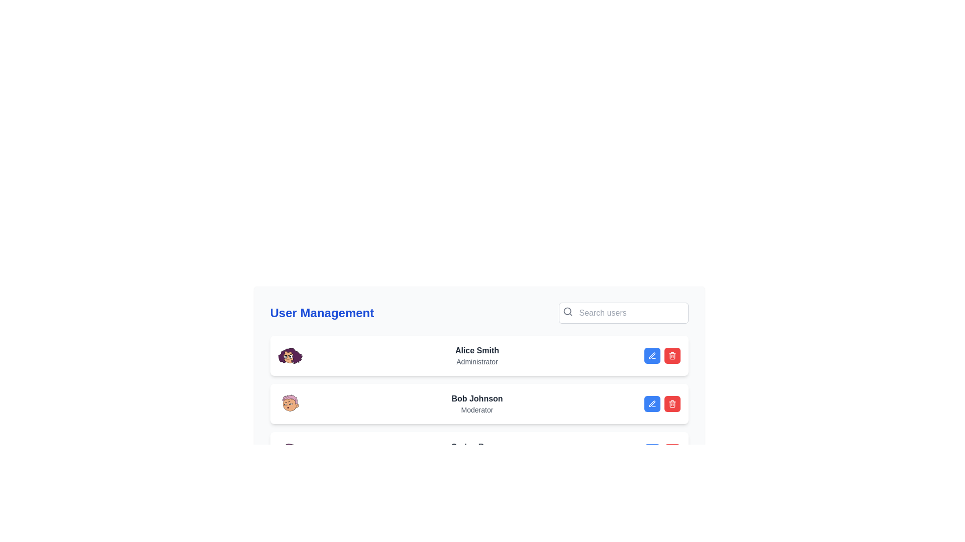 The width and height of the screenshot is (965, 542). Describe the element at coordinates (289, 355) in the screenshot. I see `the Profile Picture representing 'Alice Smith'` at that location.